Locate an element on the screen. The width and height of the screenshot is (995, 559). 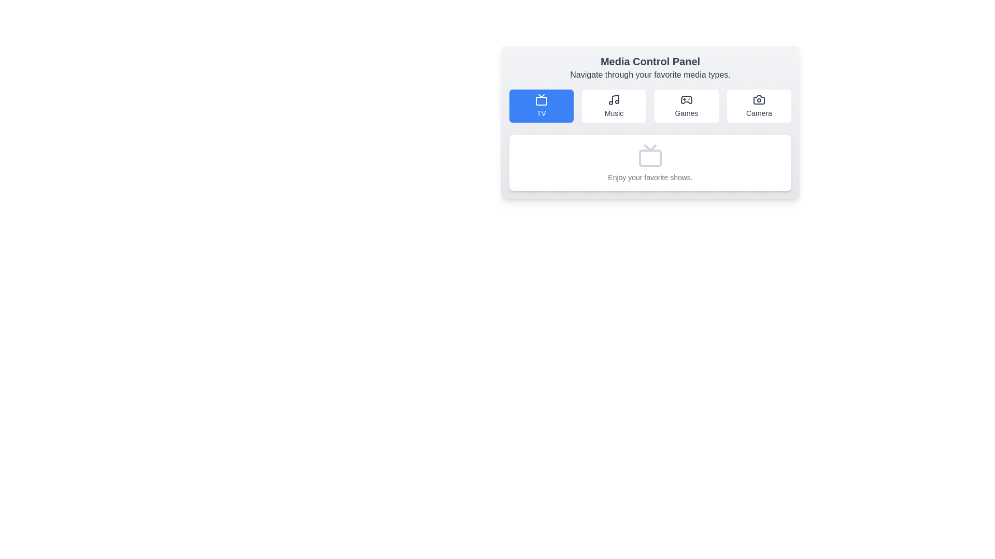
the Camera button, which is the fourth button in a group of media category buttons, to trigger the scaling hover effect is located at coordinates (759, 106).